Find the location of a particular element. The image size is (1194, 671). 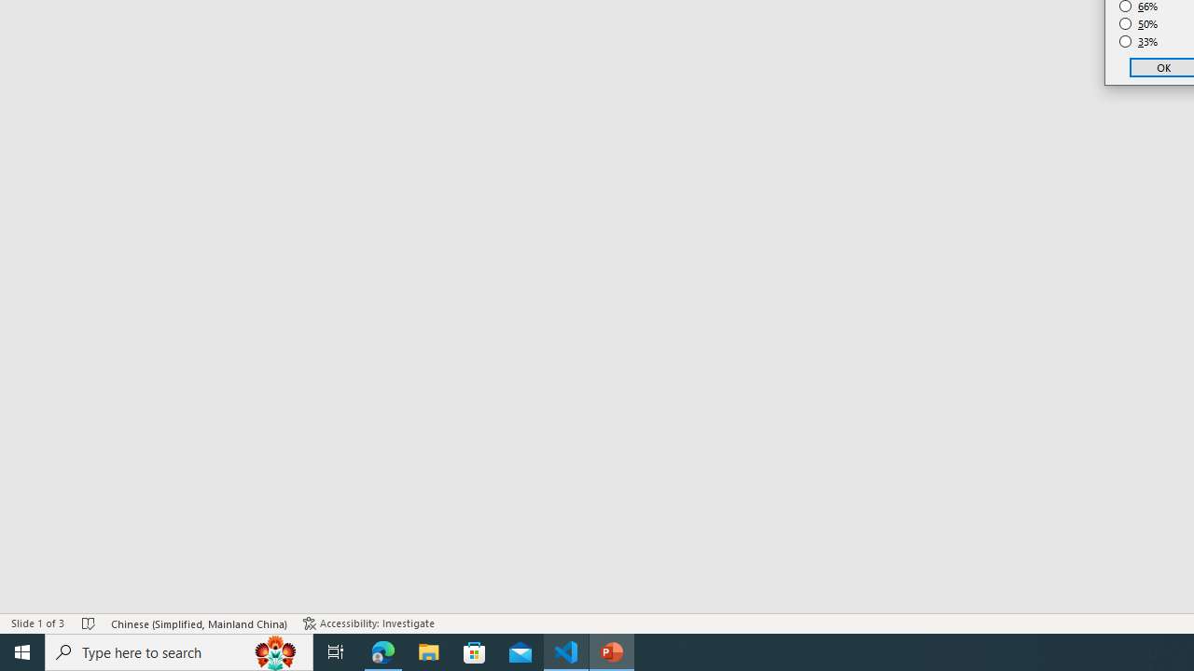

'50%' is located at coordinates (1138, 23).